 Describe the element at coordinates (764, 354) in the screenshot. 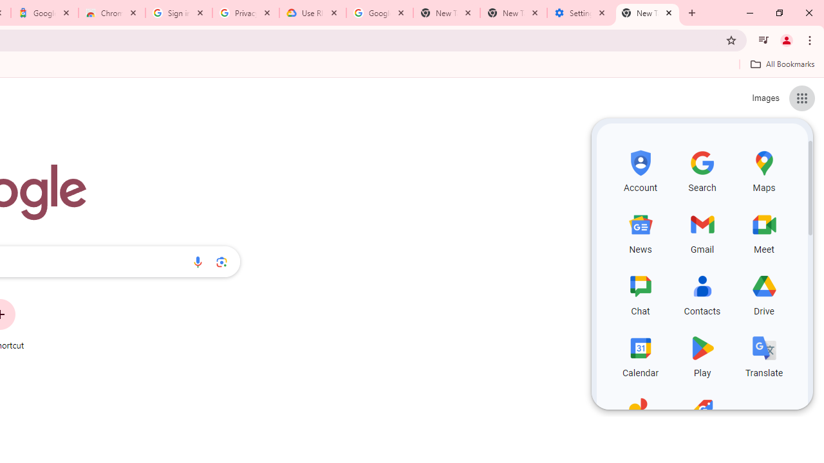

I see `'Translate, row 4 of 5 and column 3 of 3 in the first section'` at that location.